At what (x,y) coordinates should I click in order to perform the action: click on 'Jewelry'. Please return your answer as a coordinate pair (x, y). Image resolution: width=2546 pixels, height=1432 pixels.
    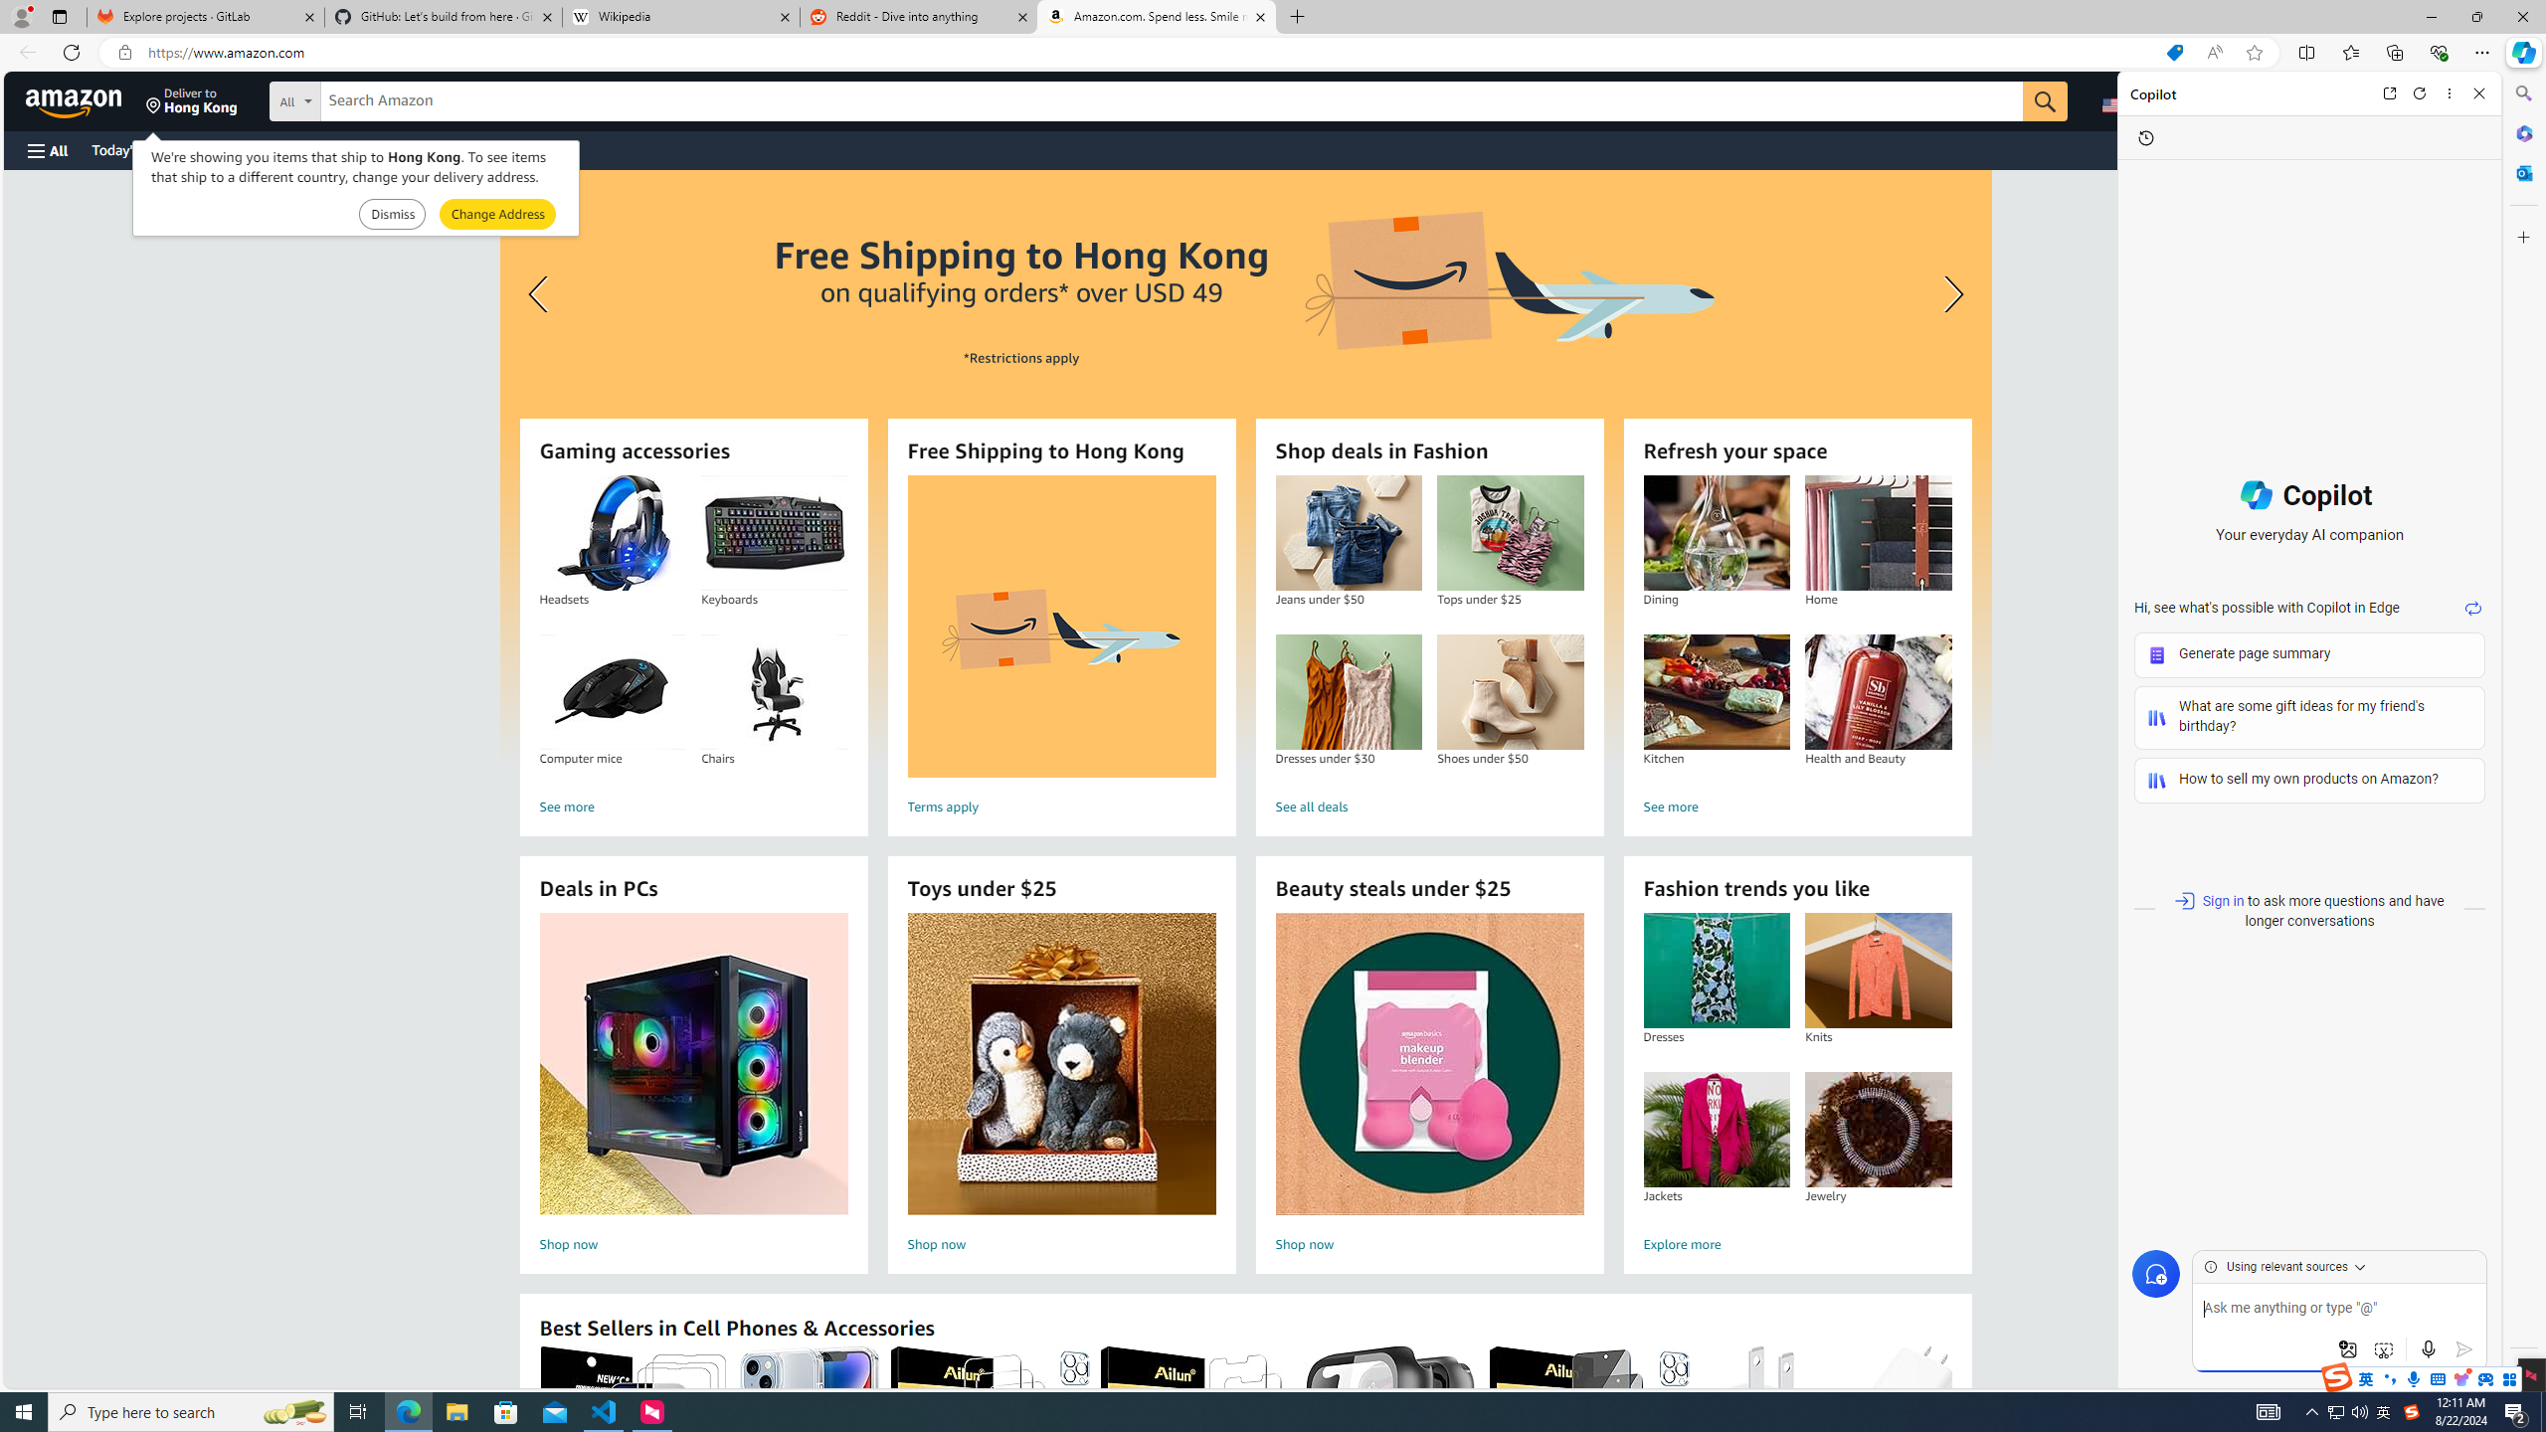
    Looking at the image, I should click on (1878, 1129).